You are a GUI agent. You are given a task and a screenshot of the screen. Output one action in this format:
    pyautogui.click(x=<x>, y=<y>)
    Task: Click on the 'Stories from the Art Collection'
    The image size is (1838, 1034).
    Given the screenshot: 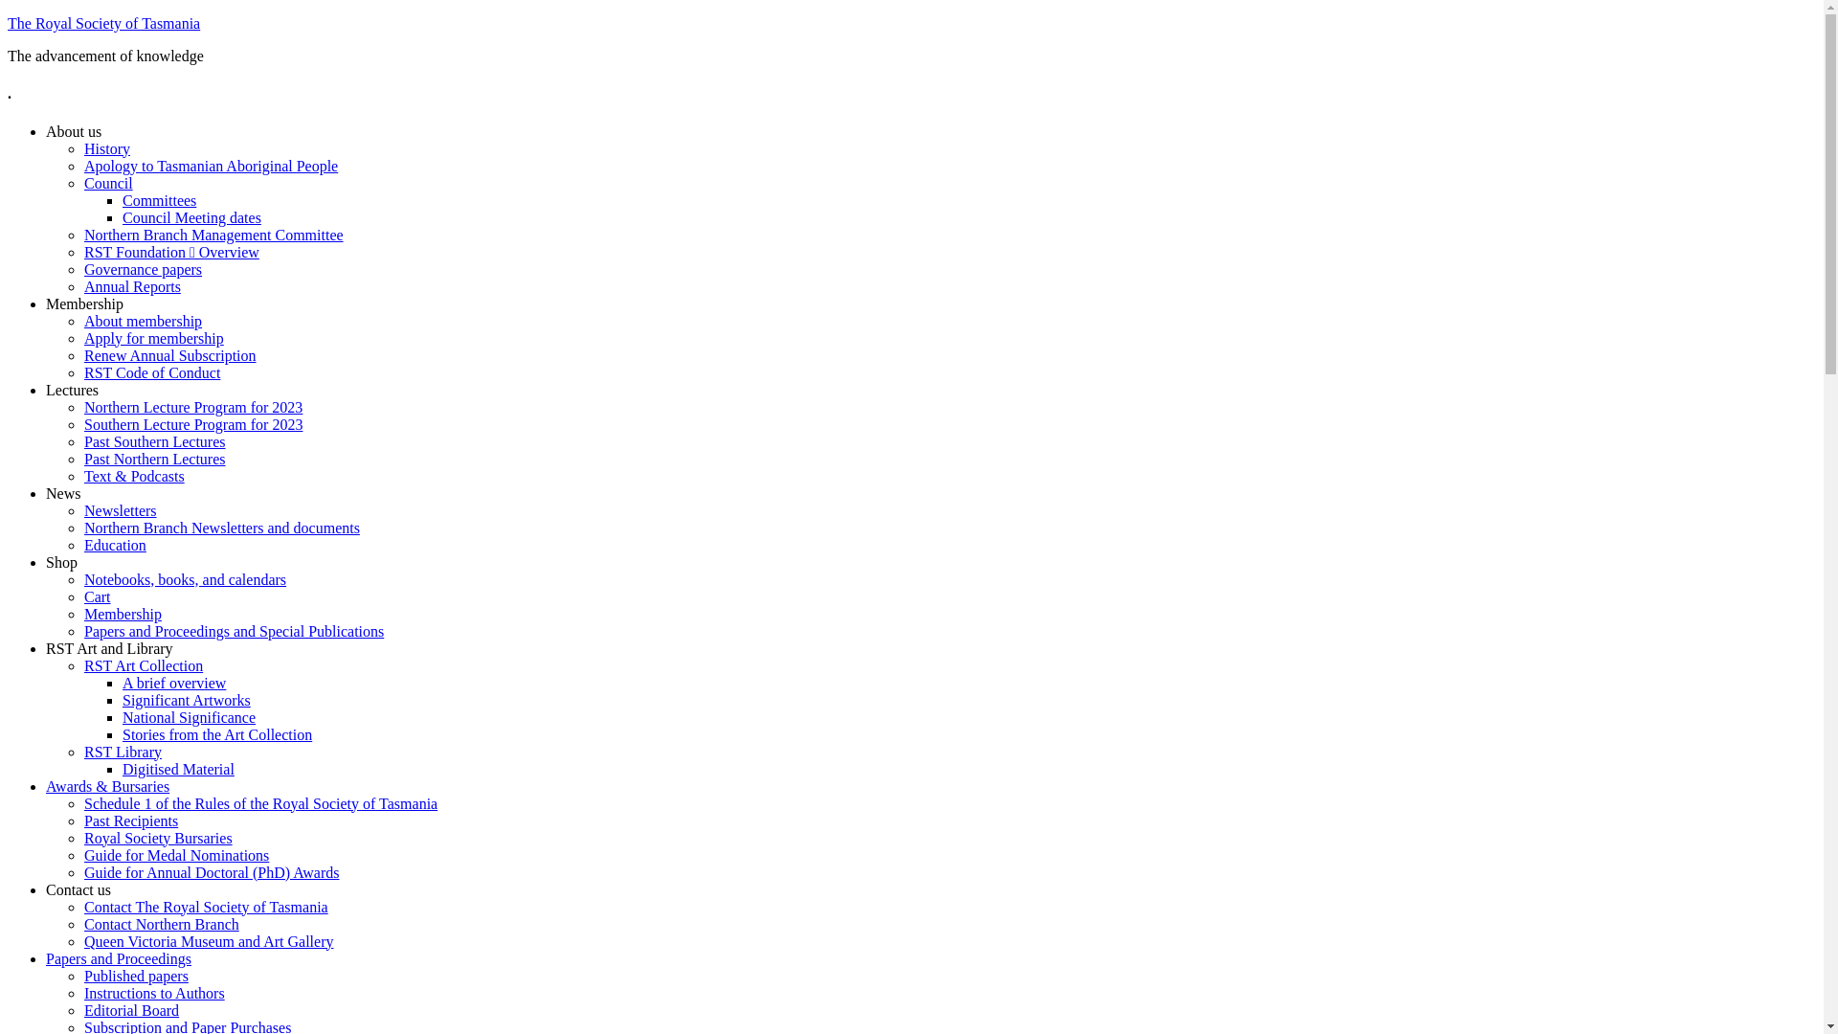 What is the action you would take?
    pyautogui.click(x=216, y=733)
    